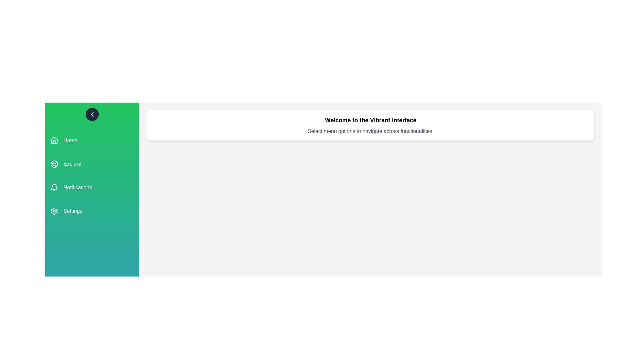 This screenshot has width=628, height=353. Describe the element at coordinates (92, 114) in the screenshot. I see `the arrow button to toggle the drawer` at that location.